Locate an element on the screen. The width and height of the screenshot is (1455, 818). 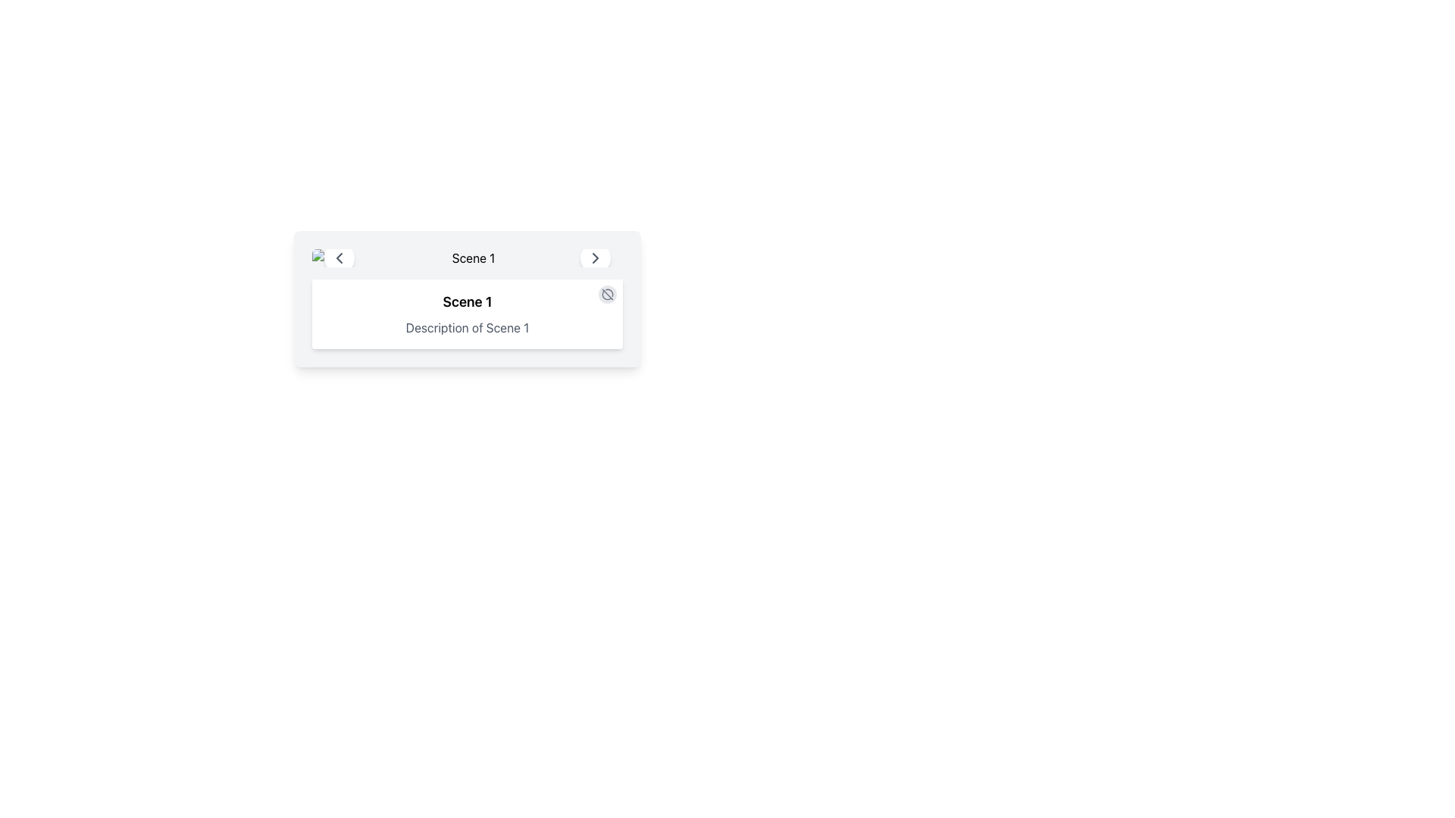
the small circular icon button with a crossed-out circle in the top-right corner of the 'Scene 1' card is located at coordinates (607, 295).